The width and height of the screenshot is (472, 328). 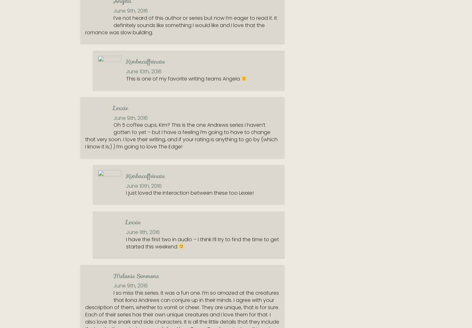 I want to click on 'Melanie Simmons', so click(x=136, y=275).